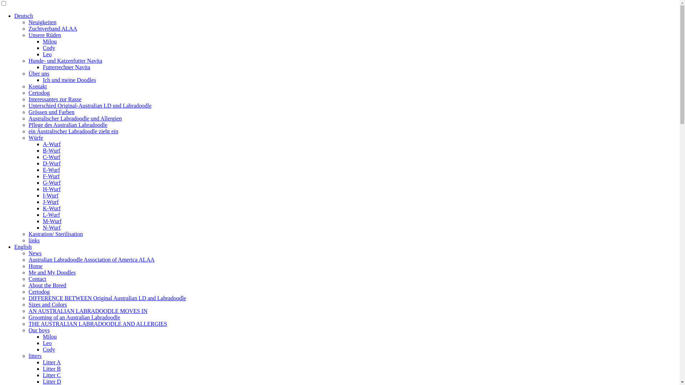 The image size is (685, 385). What do you see at coordinates (39, 330) in the screenshot?
I see `'Our boys'` at bounding box center [39, 330].